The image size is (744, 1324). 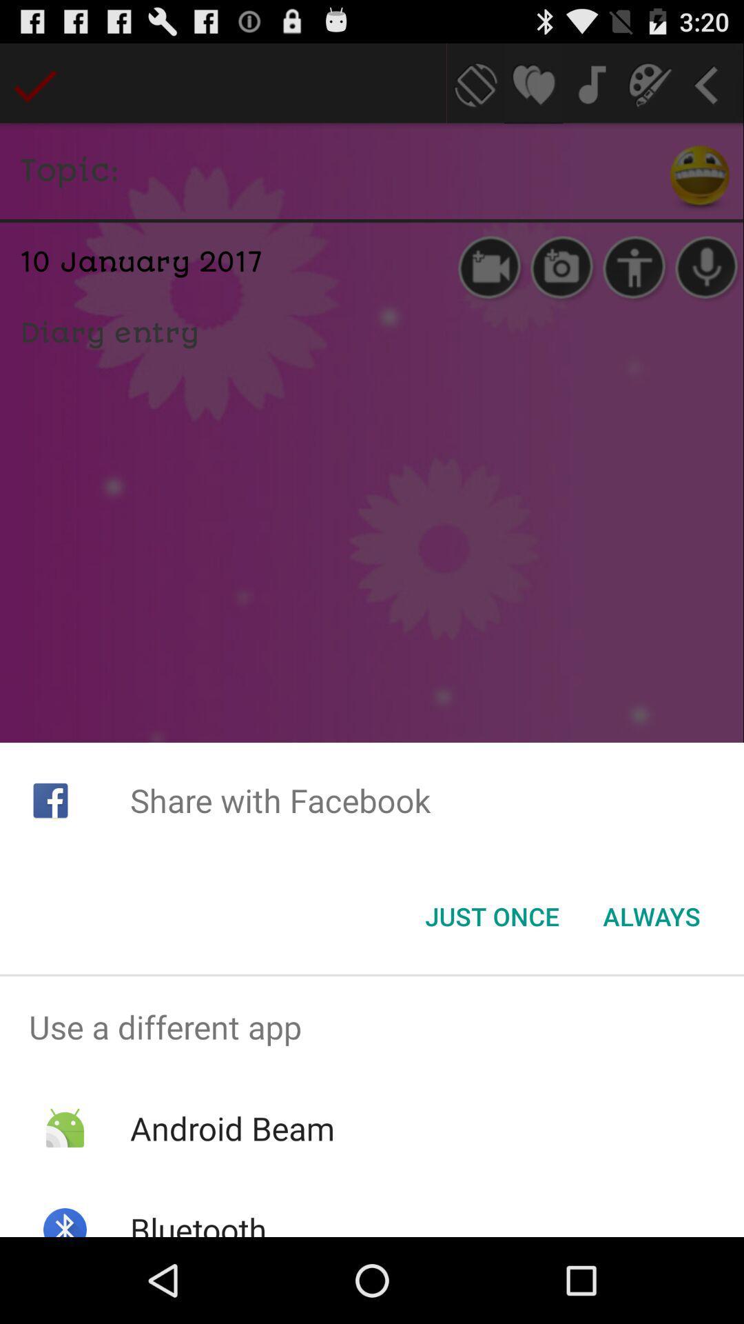 What do you see at coordinates (231, 1128) in the screenshot?
I see `the item below use a different app` at bounding box center [231, 1128].